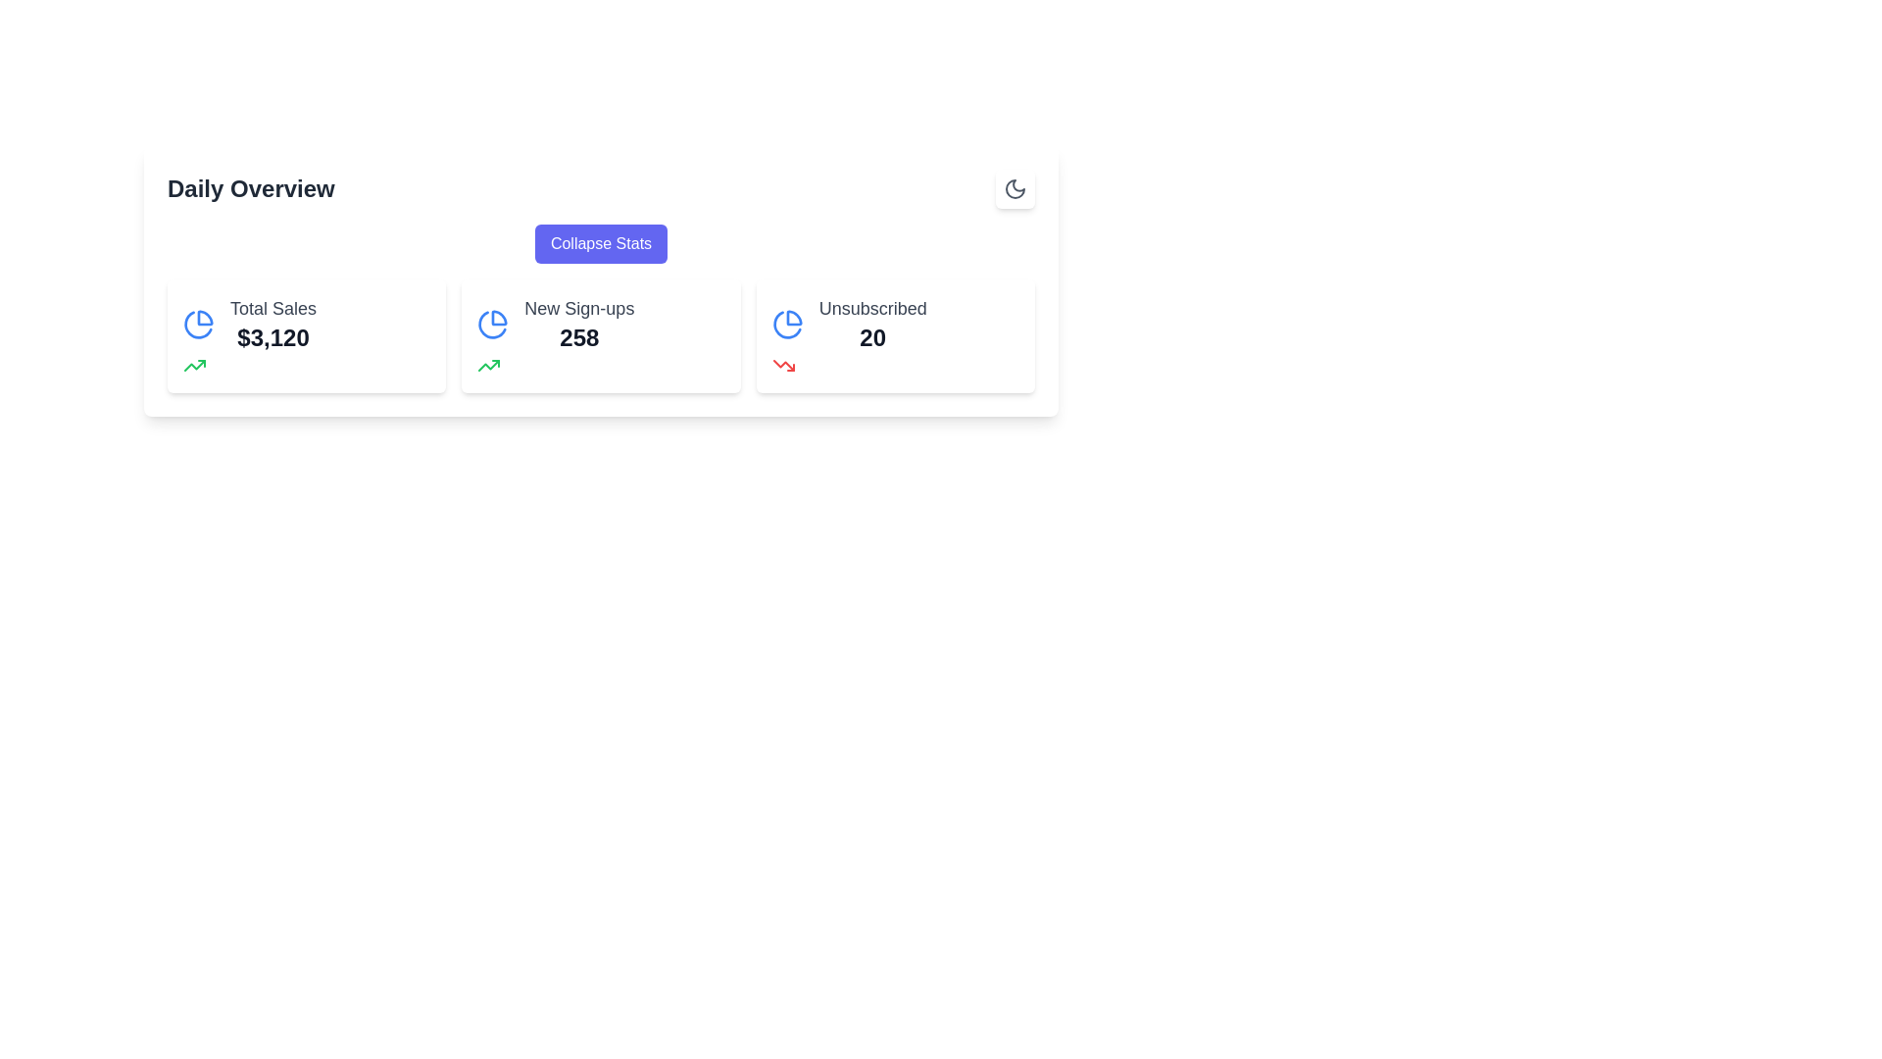 The width and height of the screenshot is (1882, 1059). What do you see at coordinates (600, 335) in the screenshot?
I see `the Statistical card displaying the number of new sign-ups (value '258') located in the middle of the grid layout within the 'Collapse Stats' section` at bounding box center [600, 335].